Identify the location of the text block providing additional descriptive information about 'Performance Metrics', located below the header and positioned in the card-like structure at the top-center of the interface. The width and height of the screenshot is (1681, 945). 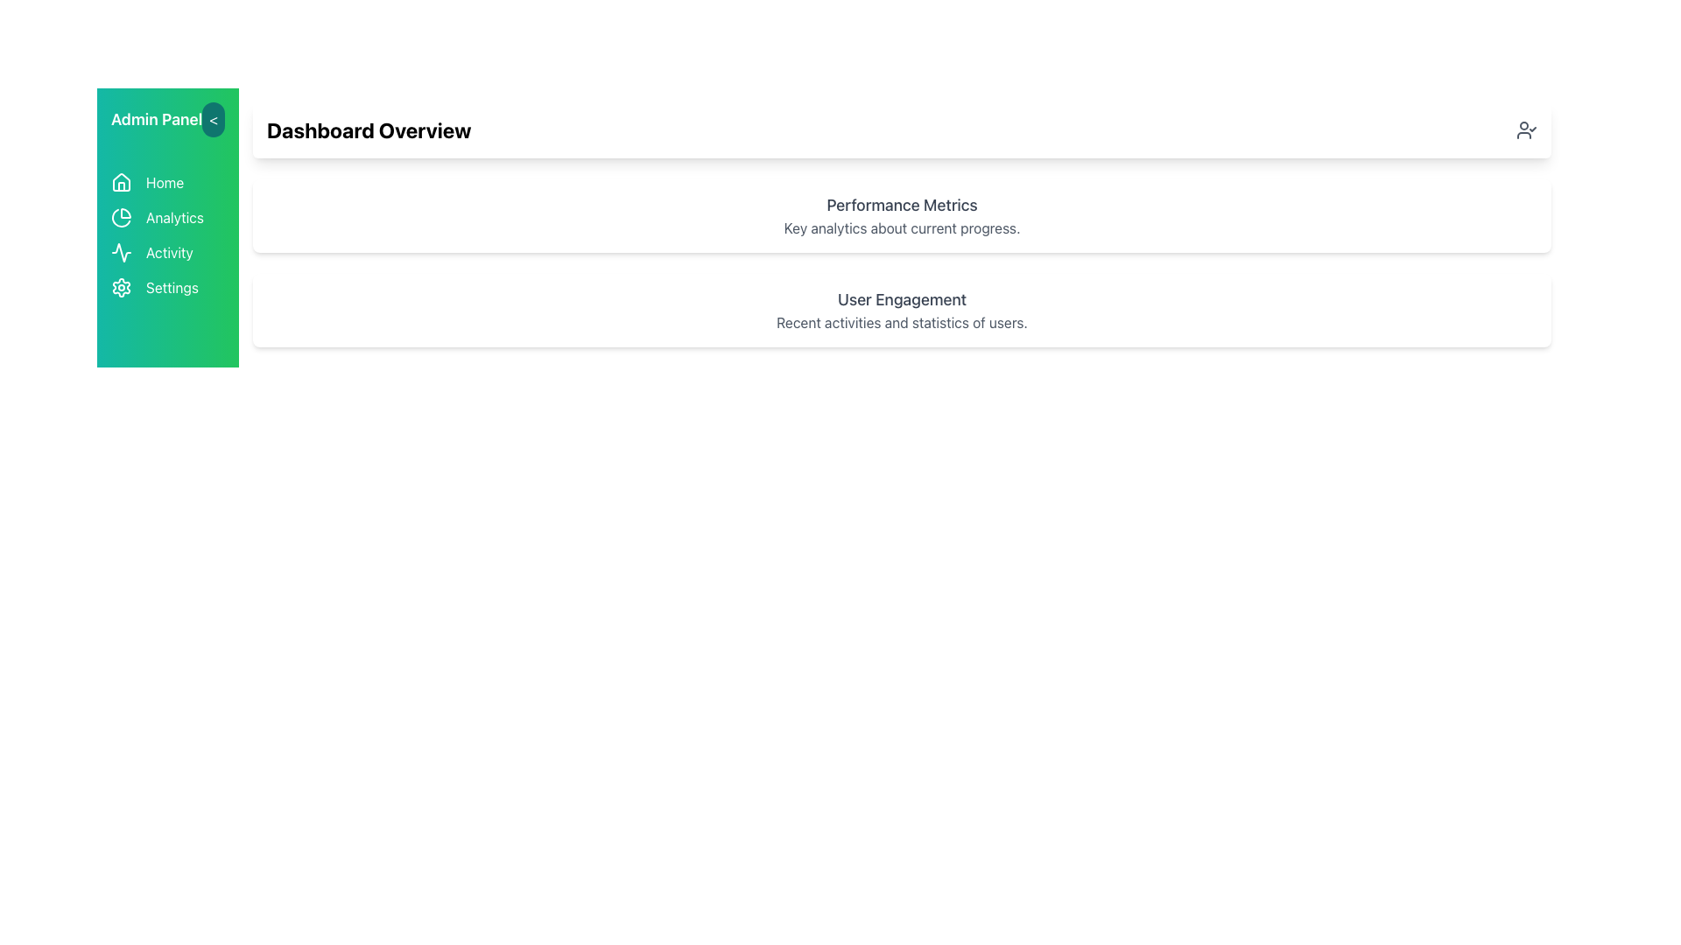
(902, 227).